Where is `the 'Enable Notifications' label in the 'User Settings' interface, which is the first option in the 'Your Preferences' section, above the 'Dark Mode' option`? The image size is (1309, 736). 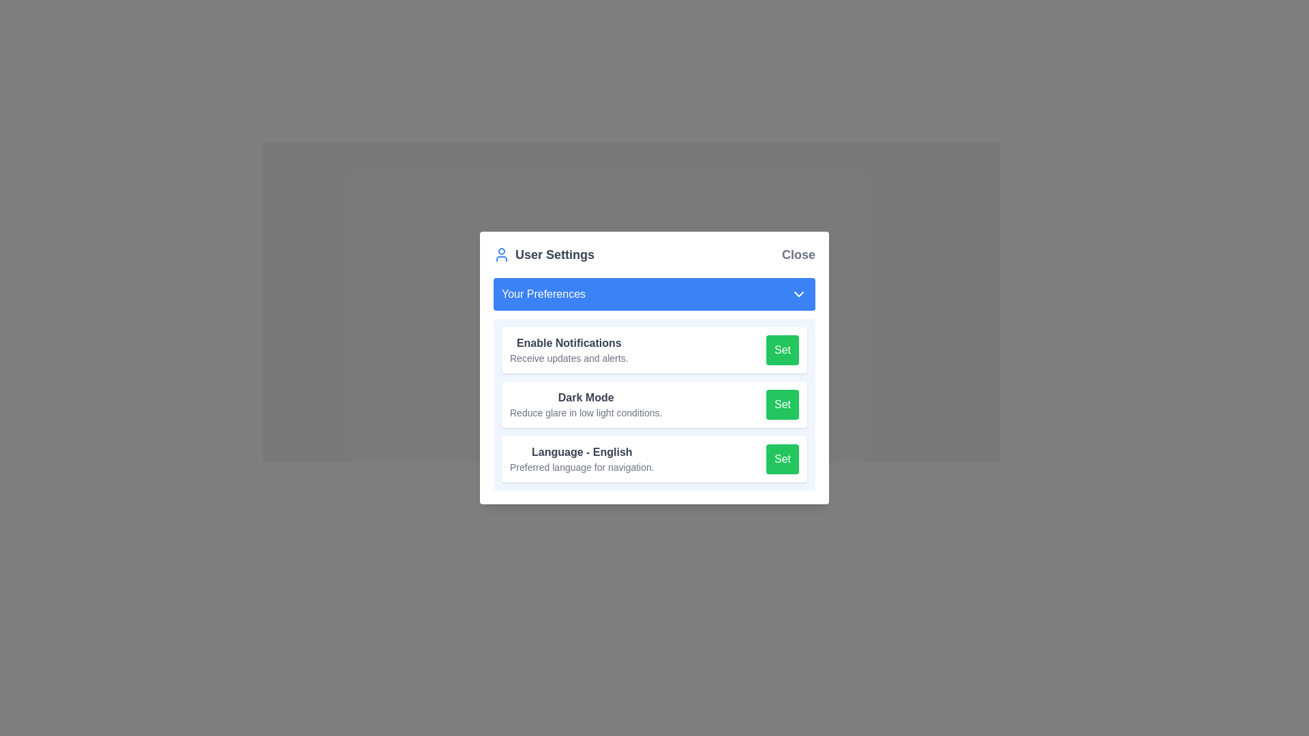
the 'Enable Notifications' label in the 'User Settings' interface, which is the first option in the 'Your Preferences' section, above the 'Dark Mode' option is located at coordinates (569, 349).